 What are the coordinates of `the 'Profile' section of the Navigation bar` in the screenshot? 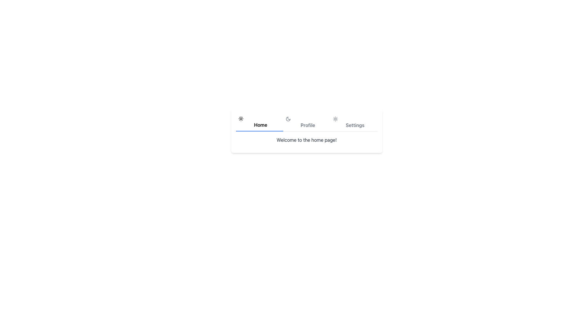 It's located at (307, 122).